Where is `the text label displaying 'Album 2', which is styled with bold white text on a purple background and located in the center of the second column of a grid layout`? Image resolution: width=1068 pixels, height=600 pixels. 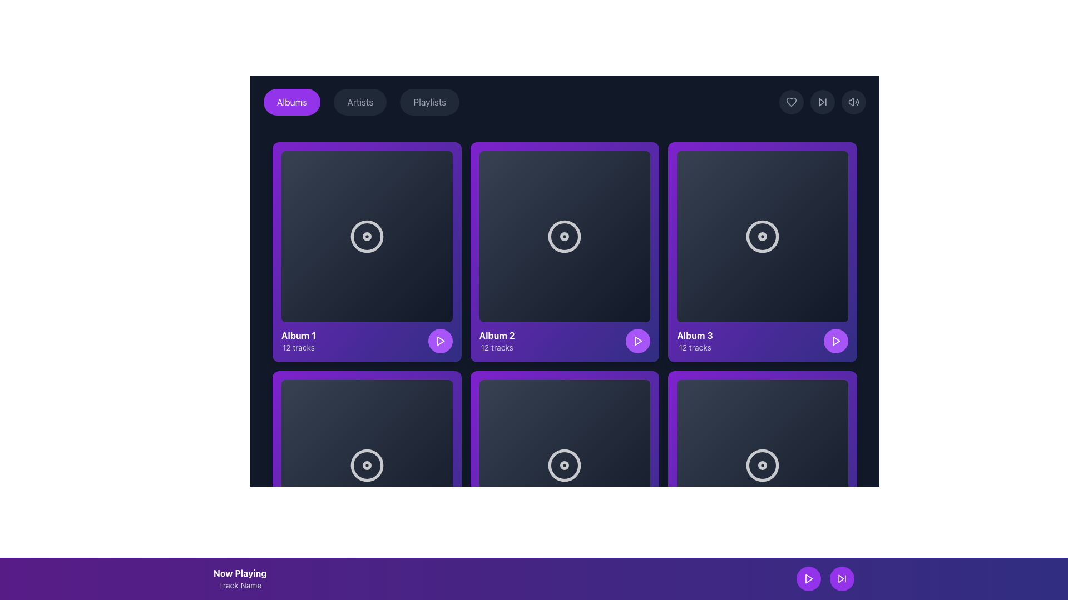 the text label displaying 'Album 2', which is styled with bold white text on a purple background and located in the center of the second column of a grid layout is located at coordinates (496, 334).